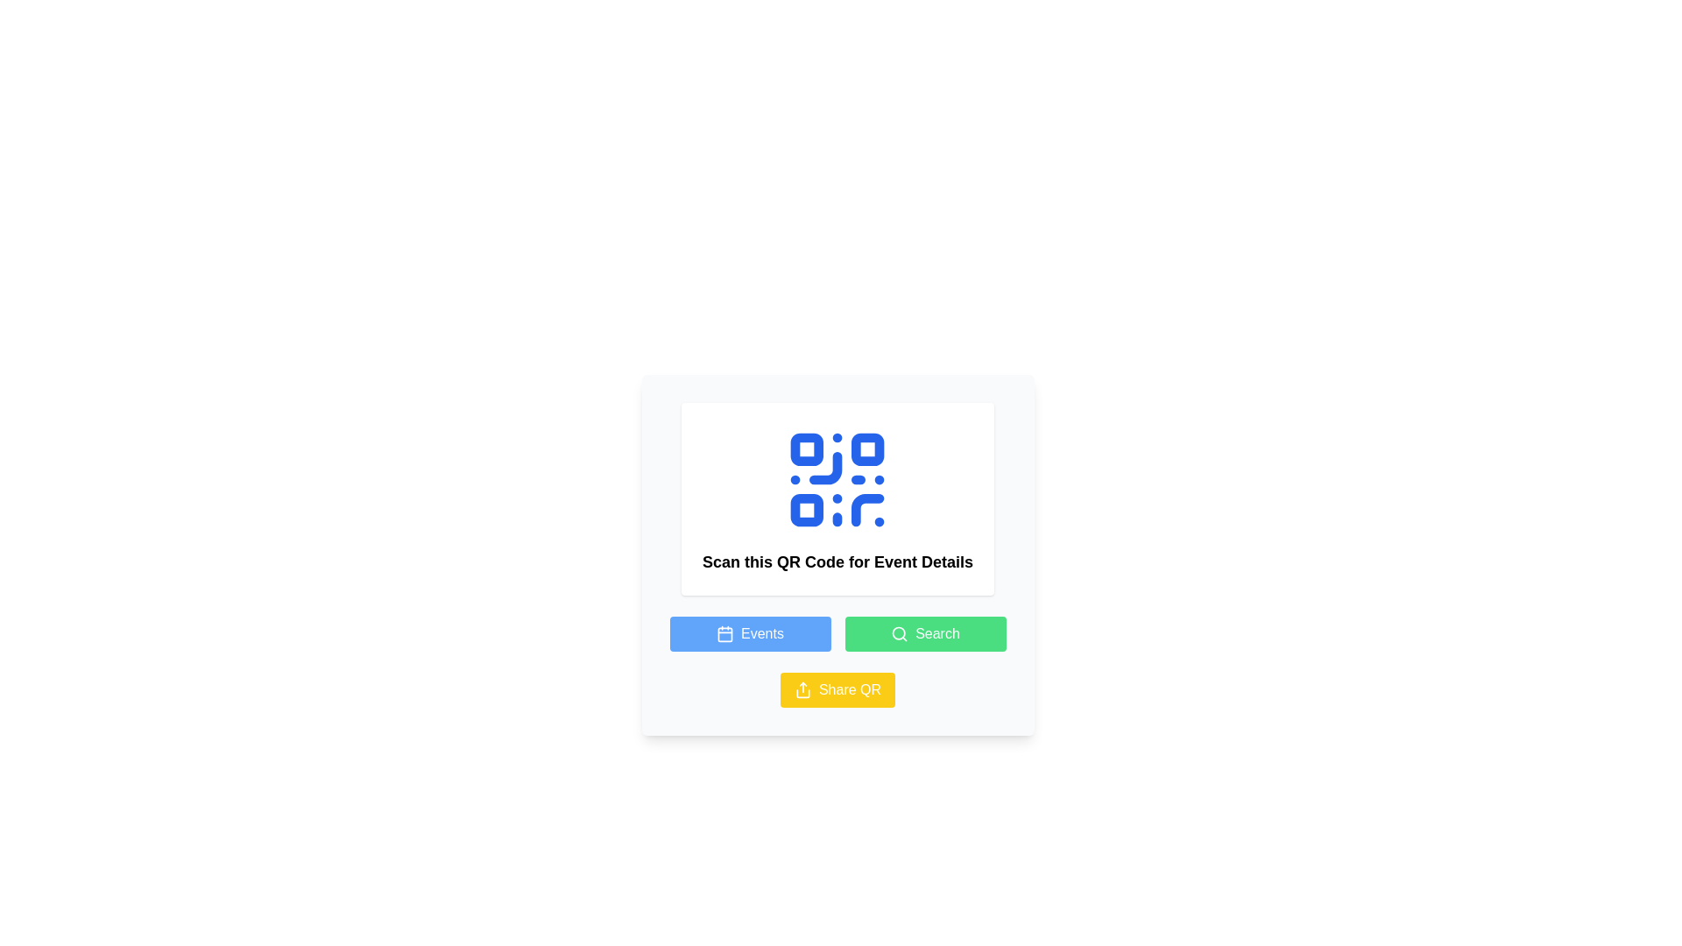 The height and width of the screenshot is (946, 1682). I want to click on the calendar icon located inside the blue 'Events' button, which represents event-related functionalities, so click(725, 634).